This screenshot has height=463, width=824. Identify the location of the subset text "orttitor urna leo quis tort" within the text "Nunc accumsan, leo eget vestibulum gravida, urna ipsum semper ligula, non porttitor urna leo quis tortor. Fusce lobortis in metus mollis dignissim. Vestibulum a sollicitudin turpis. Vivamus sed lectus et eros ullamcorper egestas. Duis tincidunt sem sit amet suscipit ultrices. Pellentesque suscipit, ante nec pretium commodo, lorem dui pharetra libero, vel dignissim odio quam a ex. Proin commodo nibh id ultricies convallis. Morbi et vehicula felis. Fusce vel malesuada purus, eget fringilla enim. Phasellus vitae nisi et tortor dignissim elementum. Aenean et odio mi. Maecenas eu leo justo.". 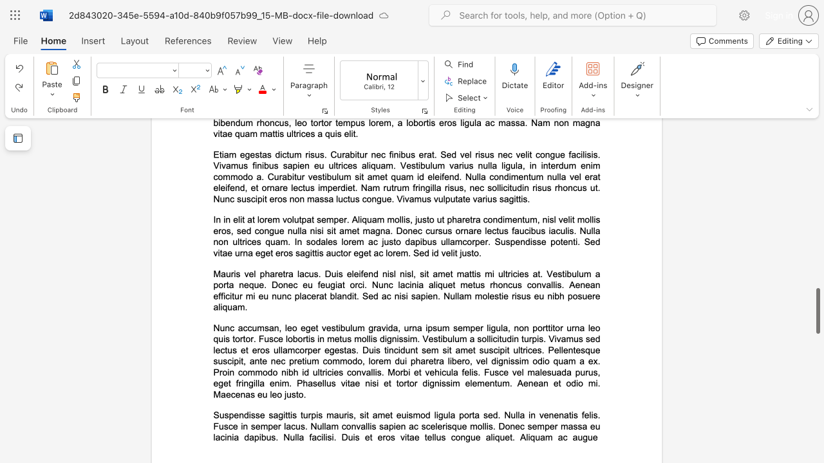
(538, 327).